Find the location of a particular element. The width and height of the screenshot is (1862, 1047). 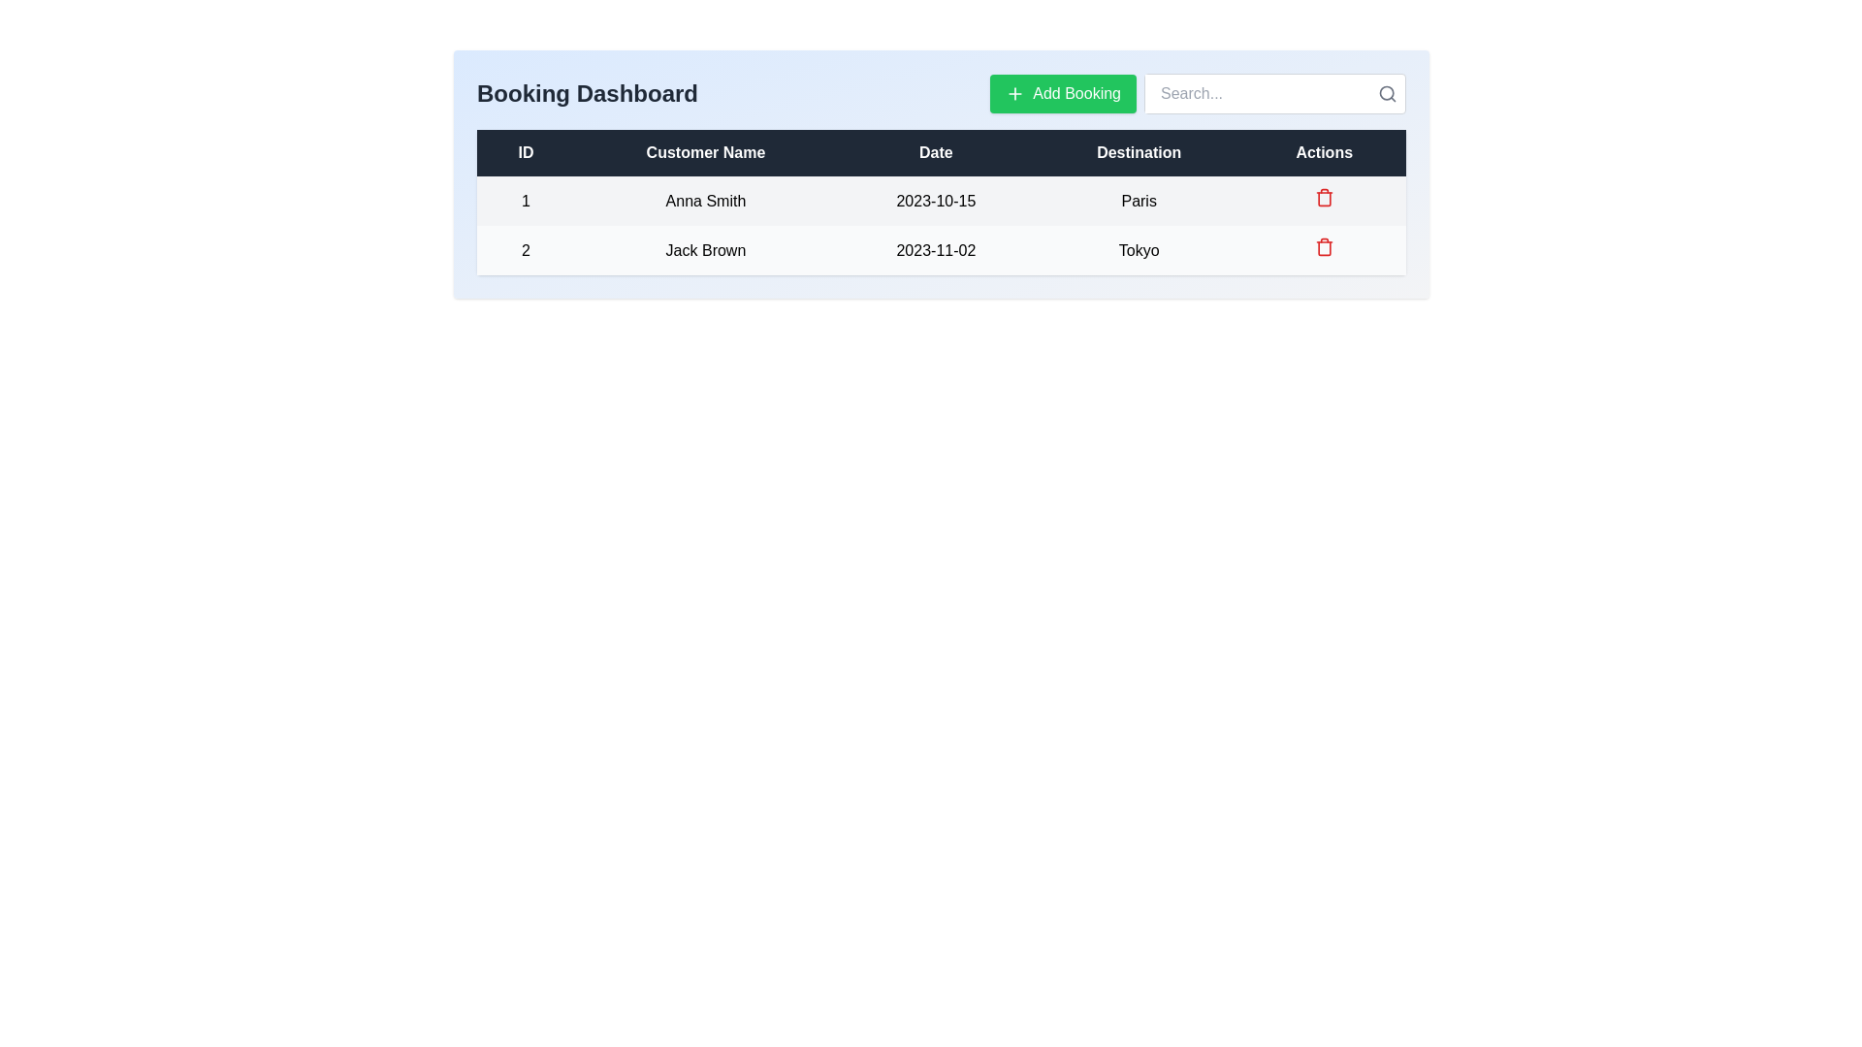

the static text label displaying the numeral '2', which is located in the first column of the second row under the 'Jack Brown' row in the table is located at coordinates (526, 249).